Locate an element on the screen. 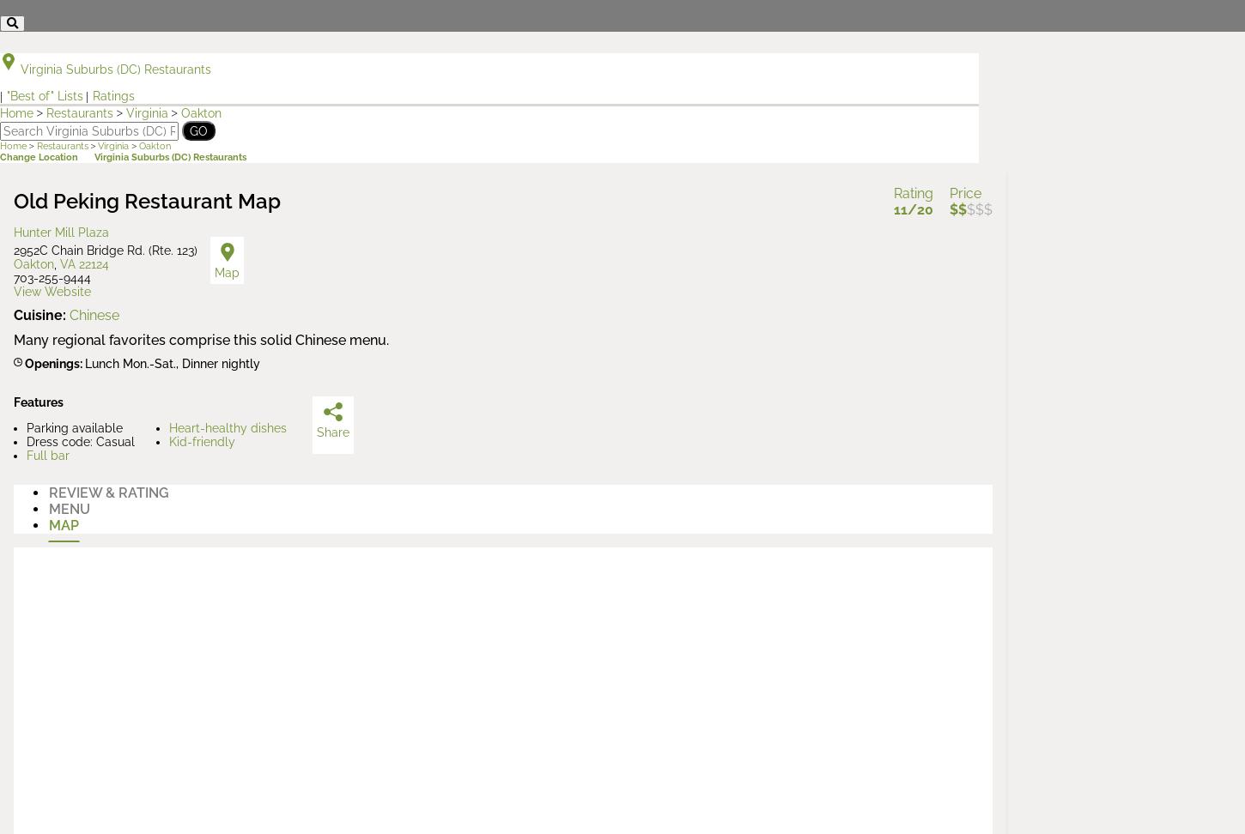 This screenshot has height=834, width=1245. 'Change Location' is located at coordinates (39, 156).